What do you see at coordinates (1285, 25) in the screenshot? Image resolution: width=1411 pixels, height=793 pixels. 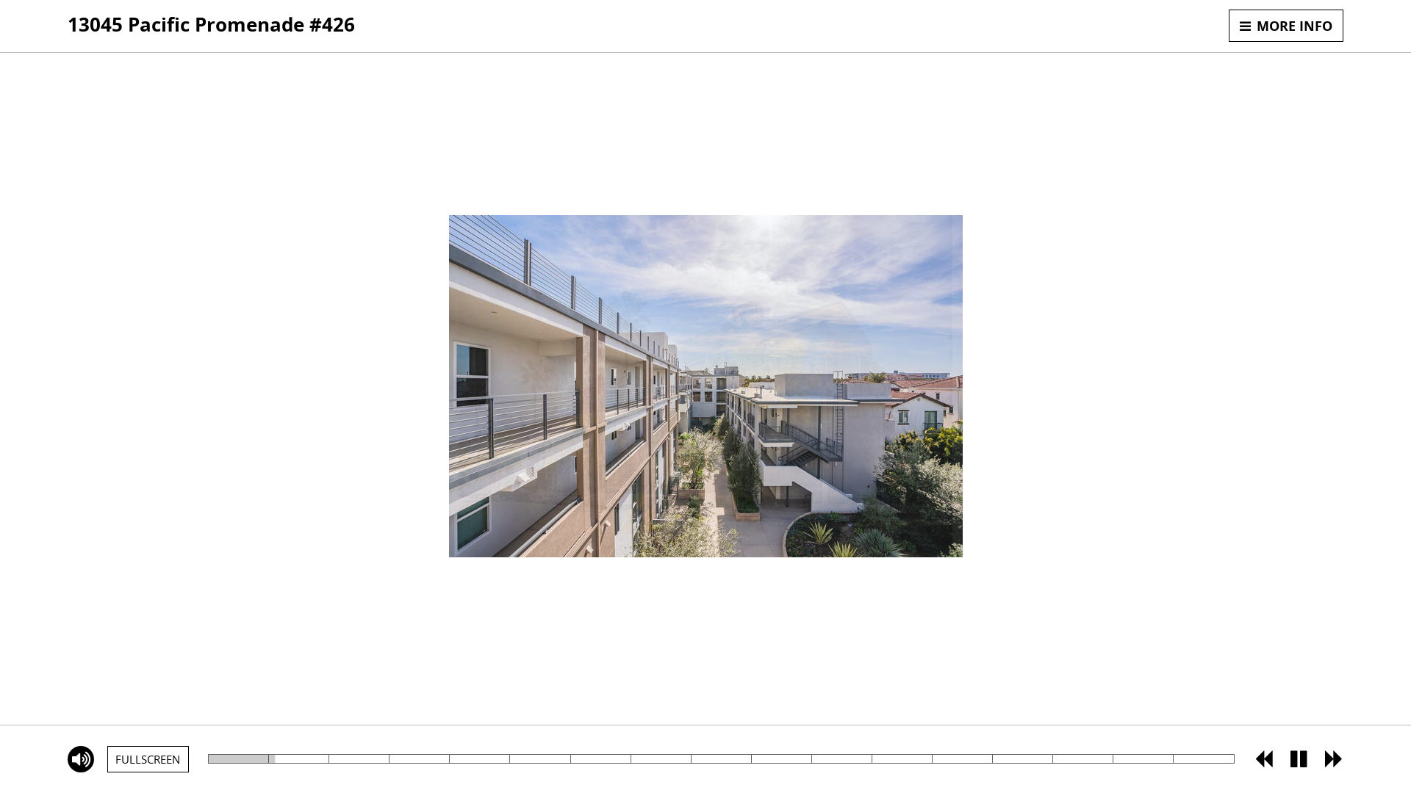 I see `'MORE INFO'` at bounding box center [1285, 25].